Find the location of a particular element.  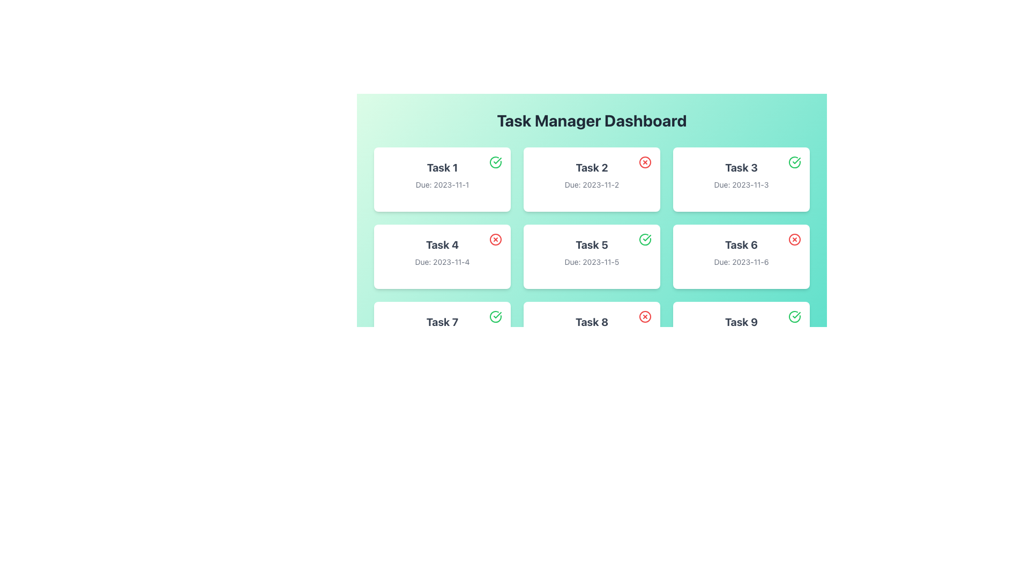

the icon representing a completed task located at the top-right corner of the 'Task 5' card in the 'Task Manager Dashboard' is located at coordinates (645, 239).